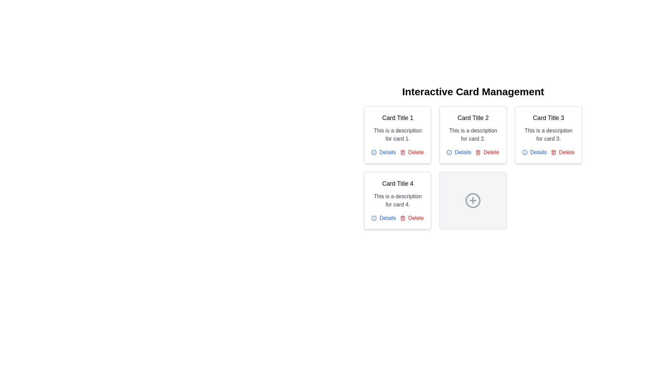 The width and height of the screenshot is (651, 366). What do you see at coordinates (402, 218) in the screenshot?
I see `the small red trash can icon next to the 'Delete' label` at bounding box center [402, 218].